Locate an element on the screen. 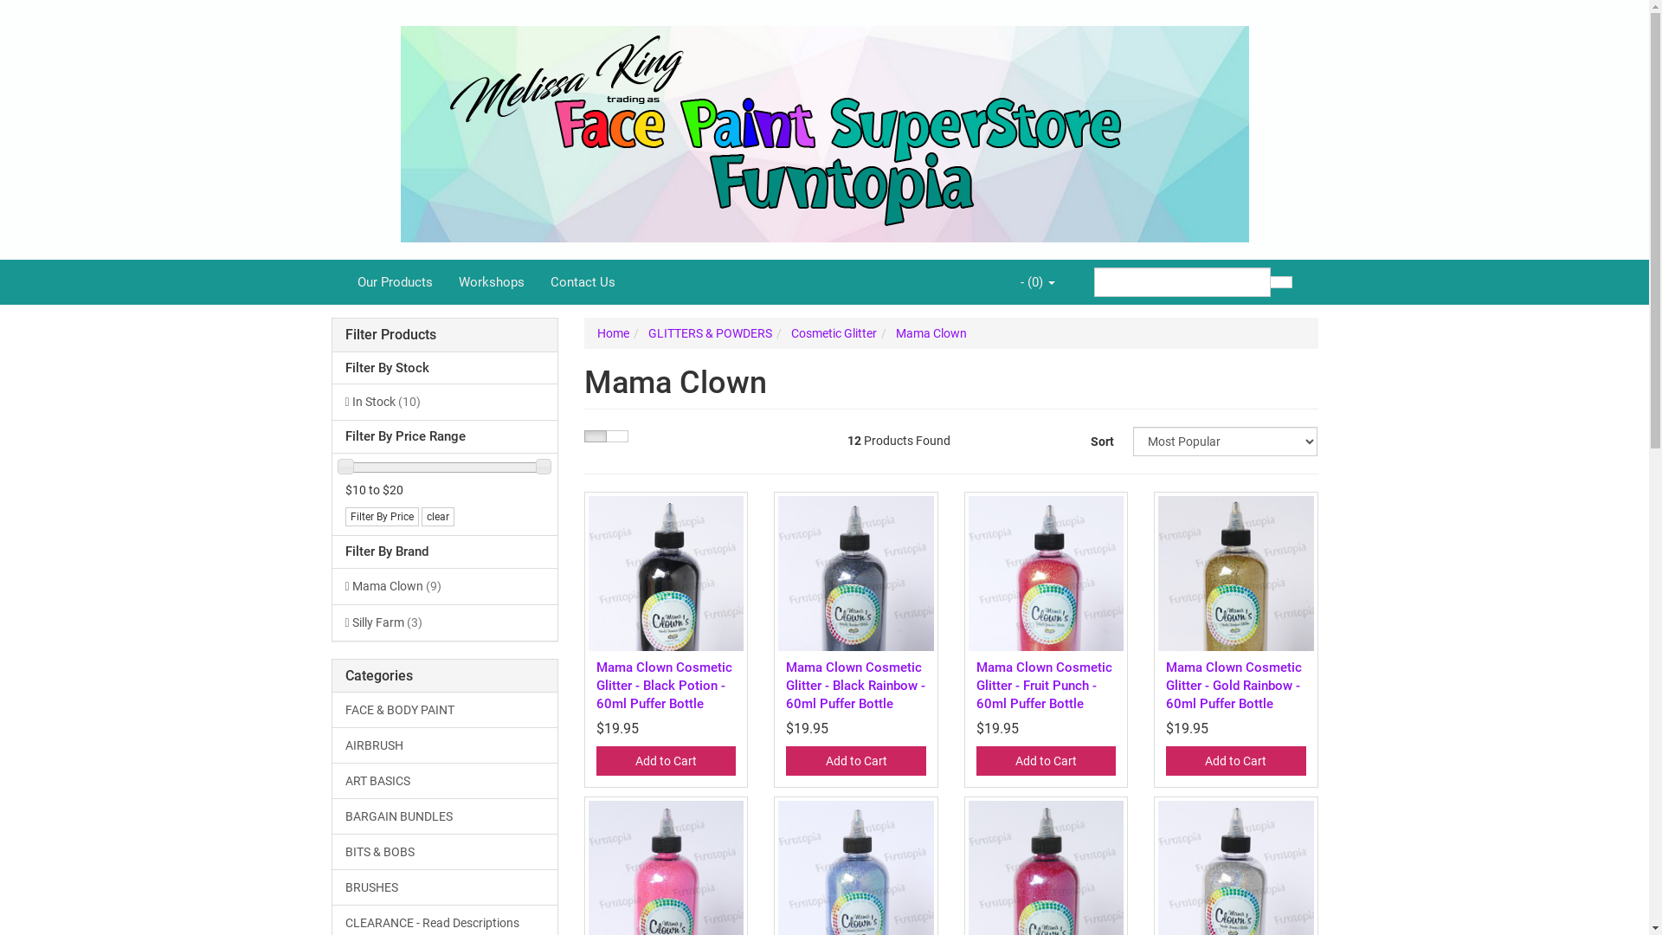 Image resolution: width=1662 pixels, height=935 pixels. 'Filter By Price' is located at coordinates (380, 516).